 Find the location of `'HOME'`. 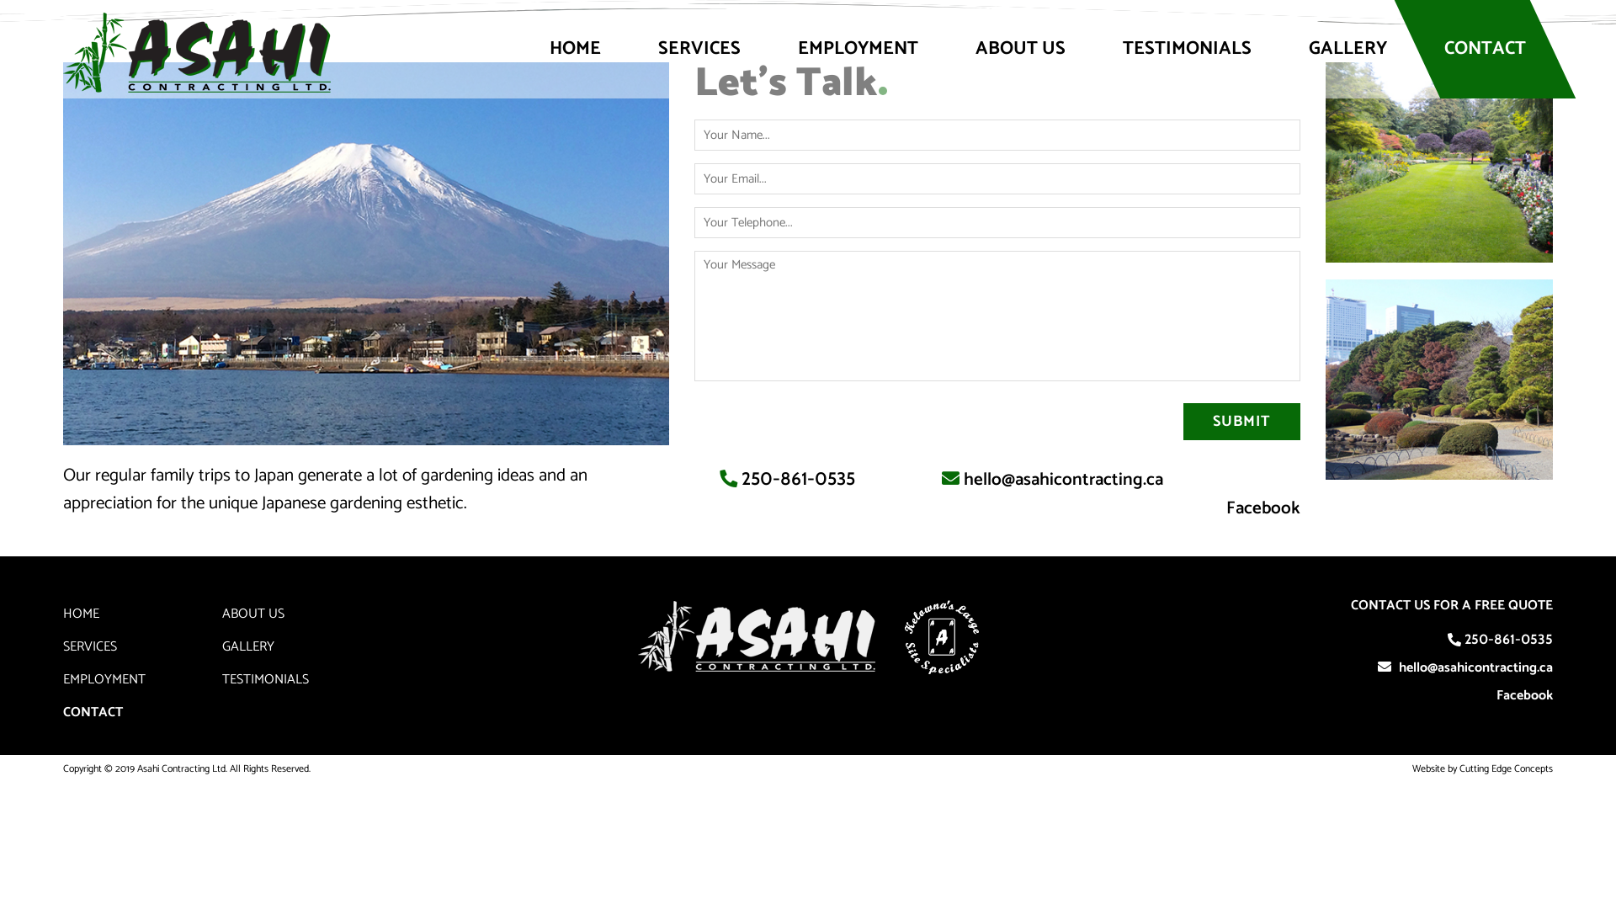

'HOME' is located at coordinates (80, 614).